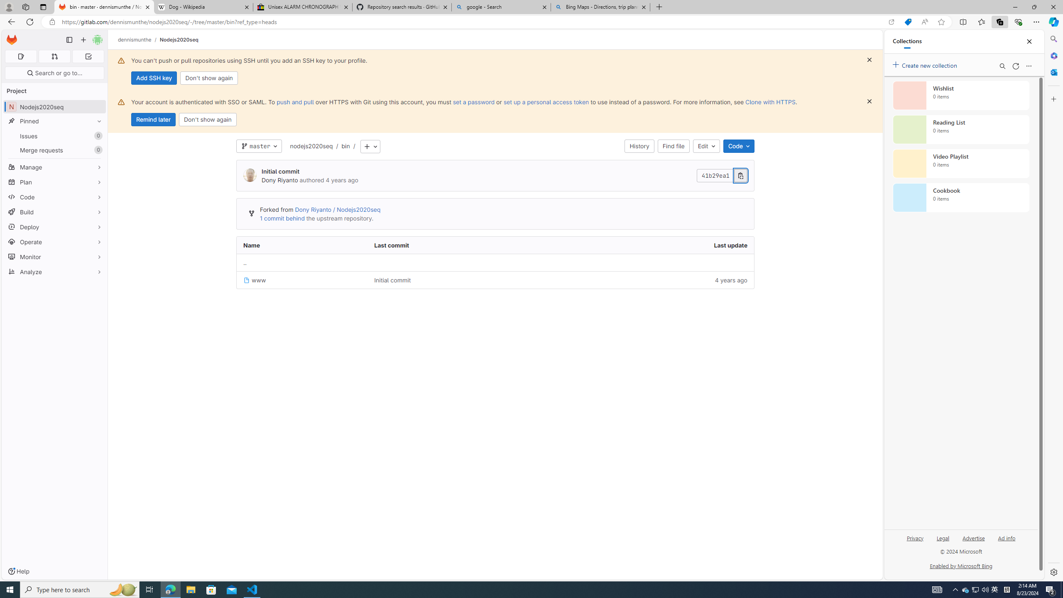 This screenshot has height=598, width=1063. Describe the element at coordinates (870, 101) in the screenshot. I see `'Class: s16 gl-icon gl-button-icon '` at that location.